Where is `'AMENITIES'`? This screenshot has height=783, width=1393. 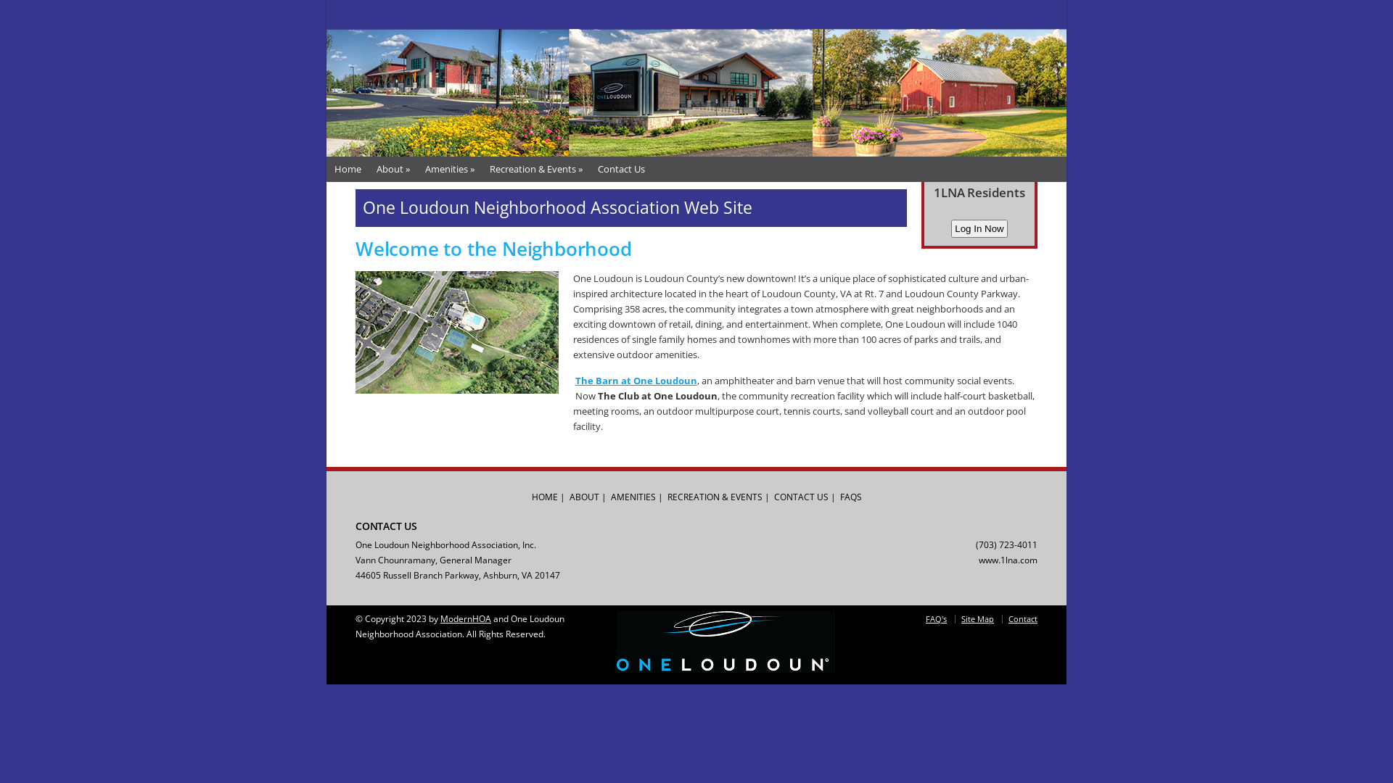 'AMENITIES' is located at coordinates (610, 496).